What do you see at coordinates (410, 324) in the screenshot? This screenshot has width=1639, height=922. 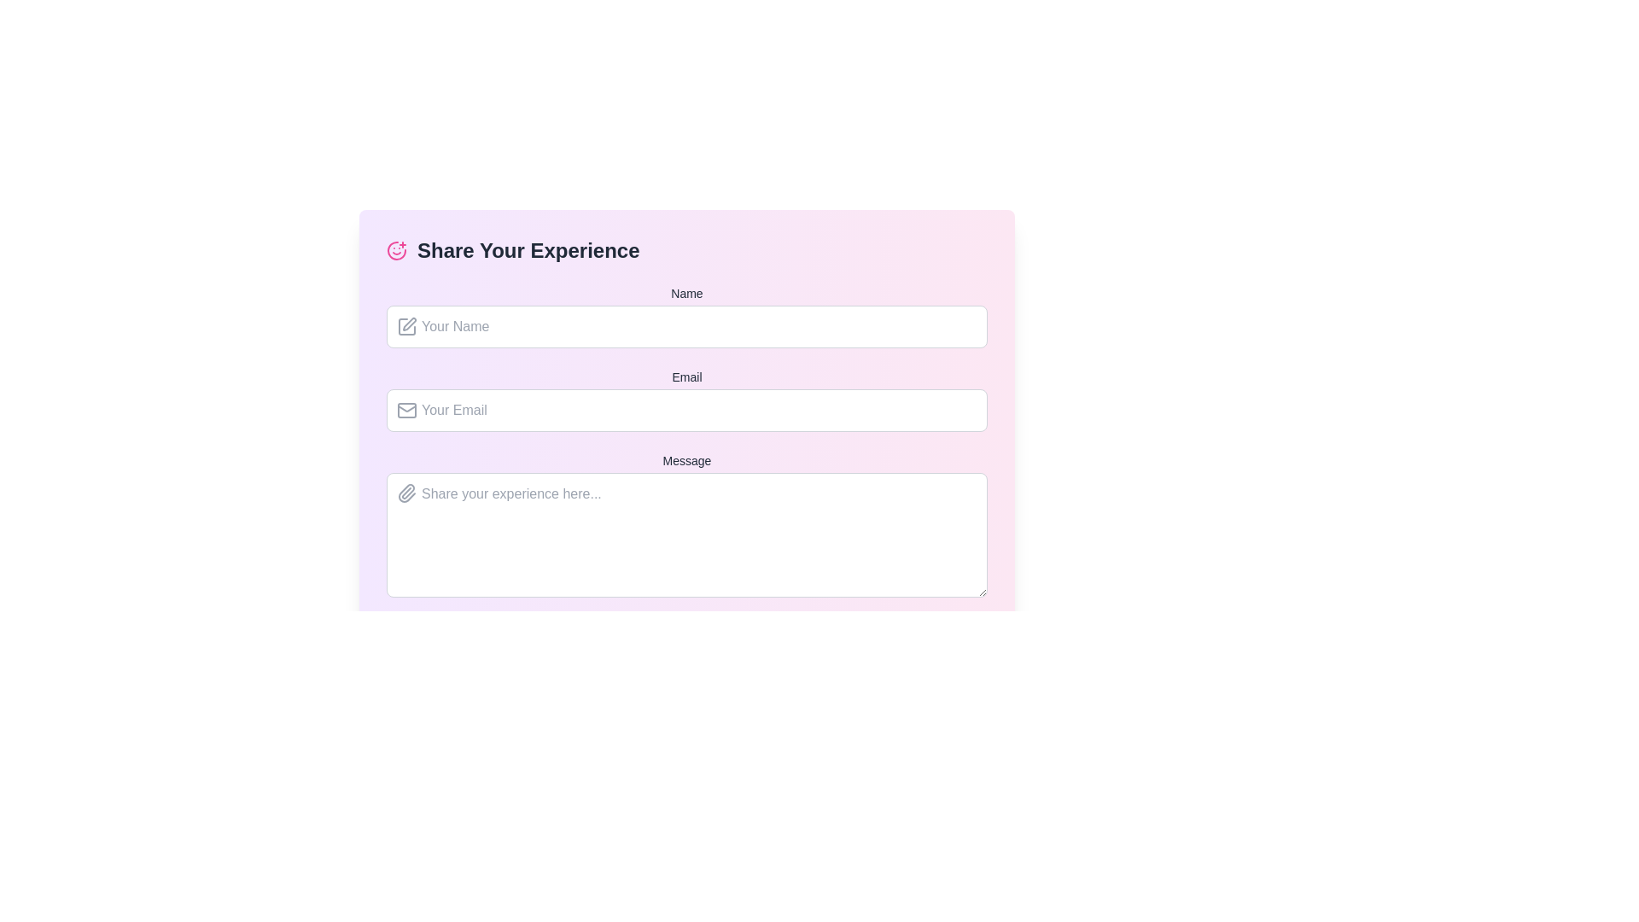 I see `the small pen or pencil icon located in the 'Share Your Experience' section, positioned to the left of the 'Your Name' input field` at bounding box center [410, 324].